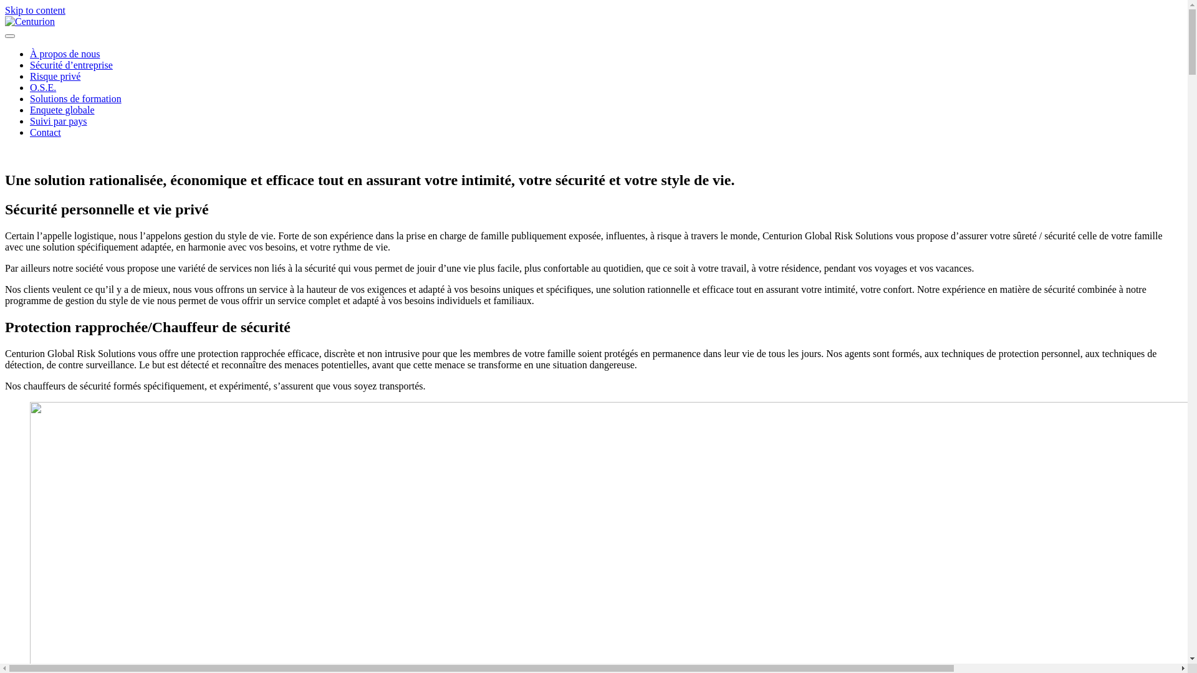 The height and width of the screenshot is (673, 1197). I want to click on 'Solutions de formation', so click(75, 98).